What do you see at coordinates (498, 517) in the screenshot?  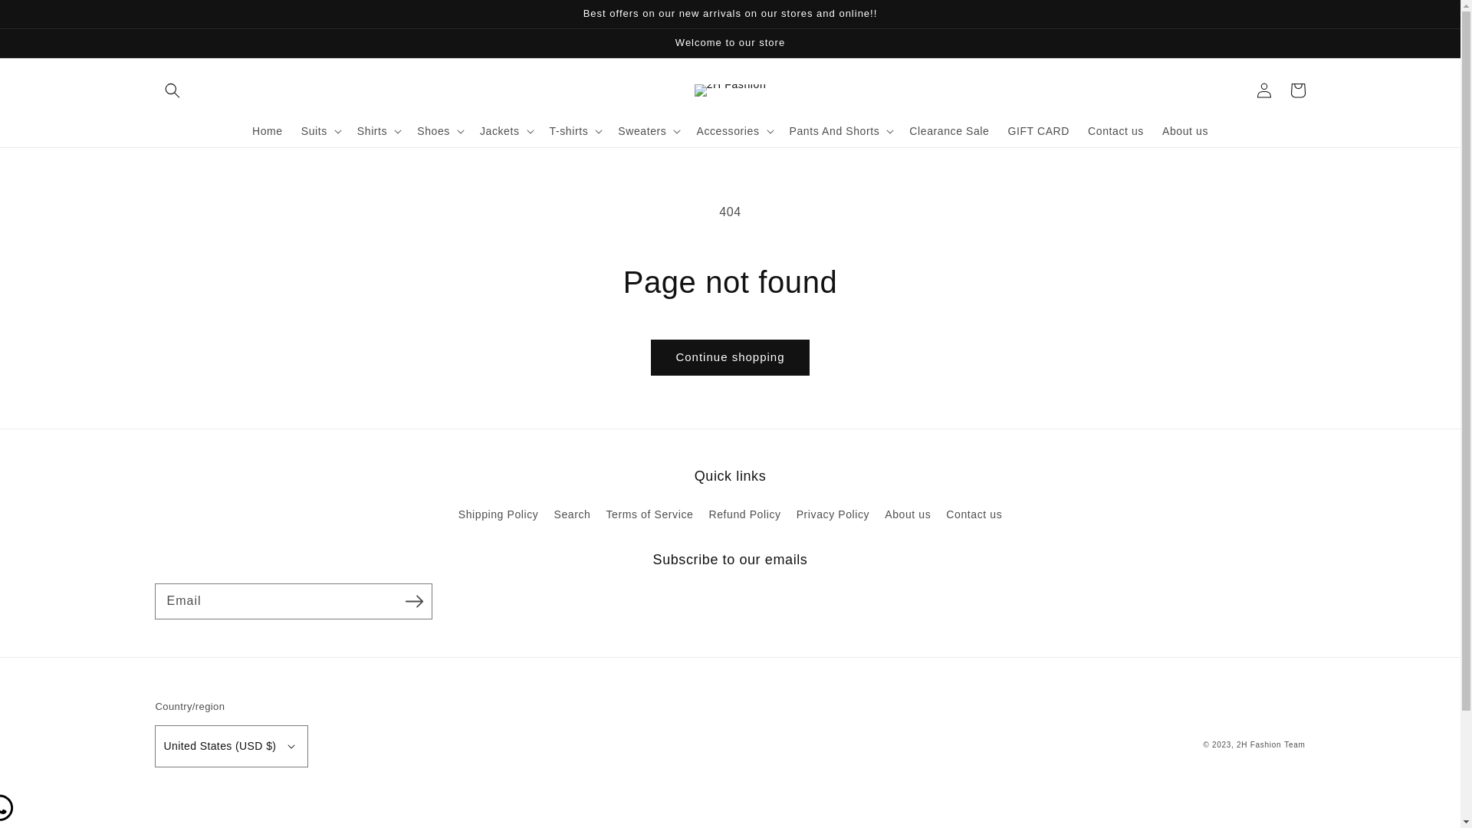 I see `'Shipping Policy'` at bounding box center [498, 517].